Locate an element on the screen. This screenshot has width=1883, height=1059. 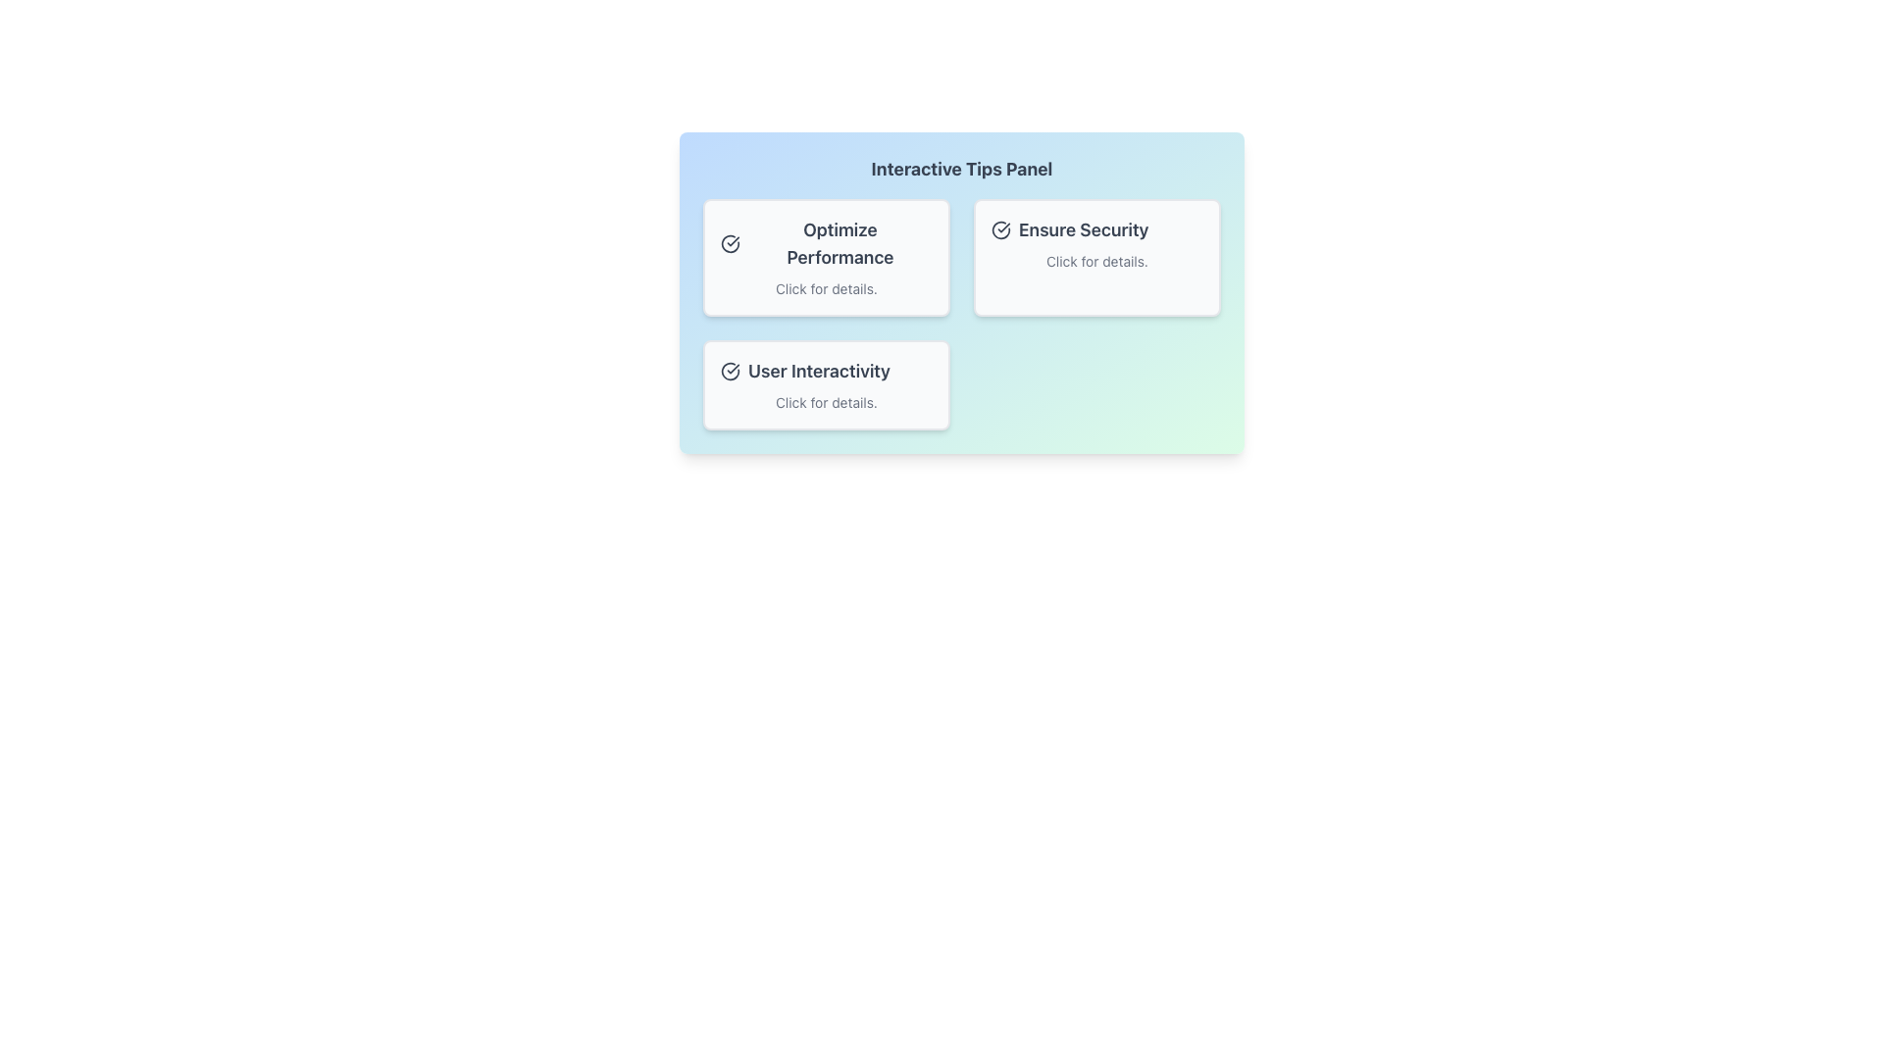
the heading text element at the top of the card component, which is centrally aligned and serves as the title for the card is located at coordinates (961, 169).